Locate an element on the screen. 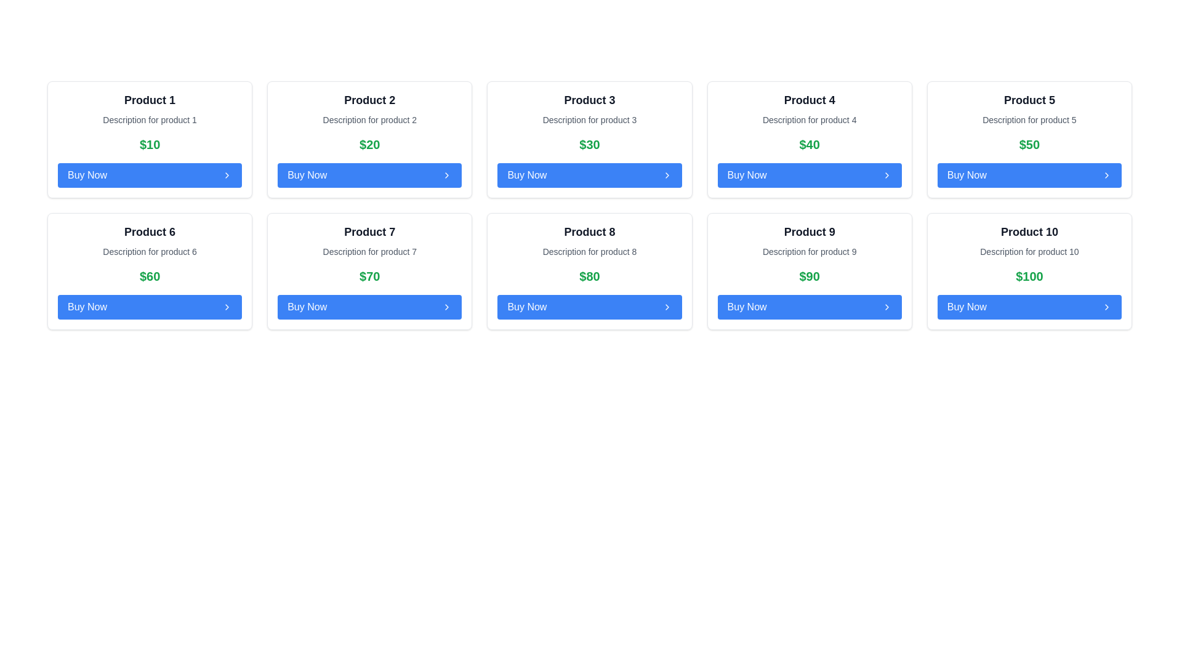  the button at the bottom of the 'Product 9' card to initiate the purchase process is located at coordinates (810, 306).